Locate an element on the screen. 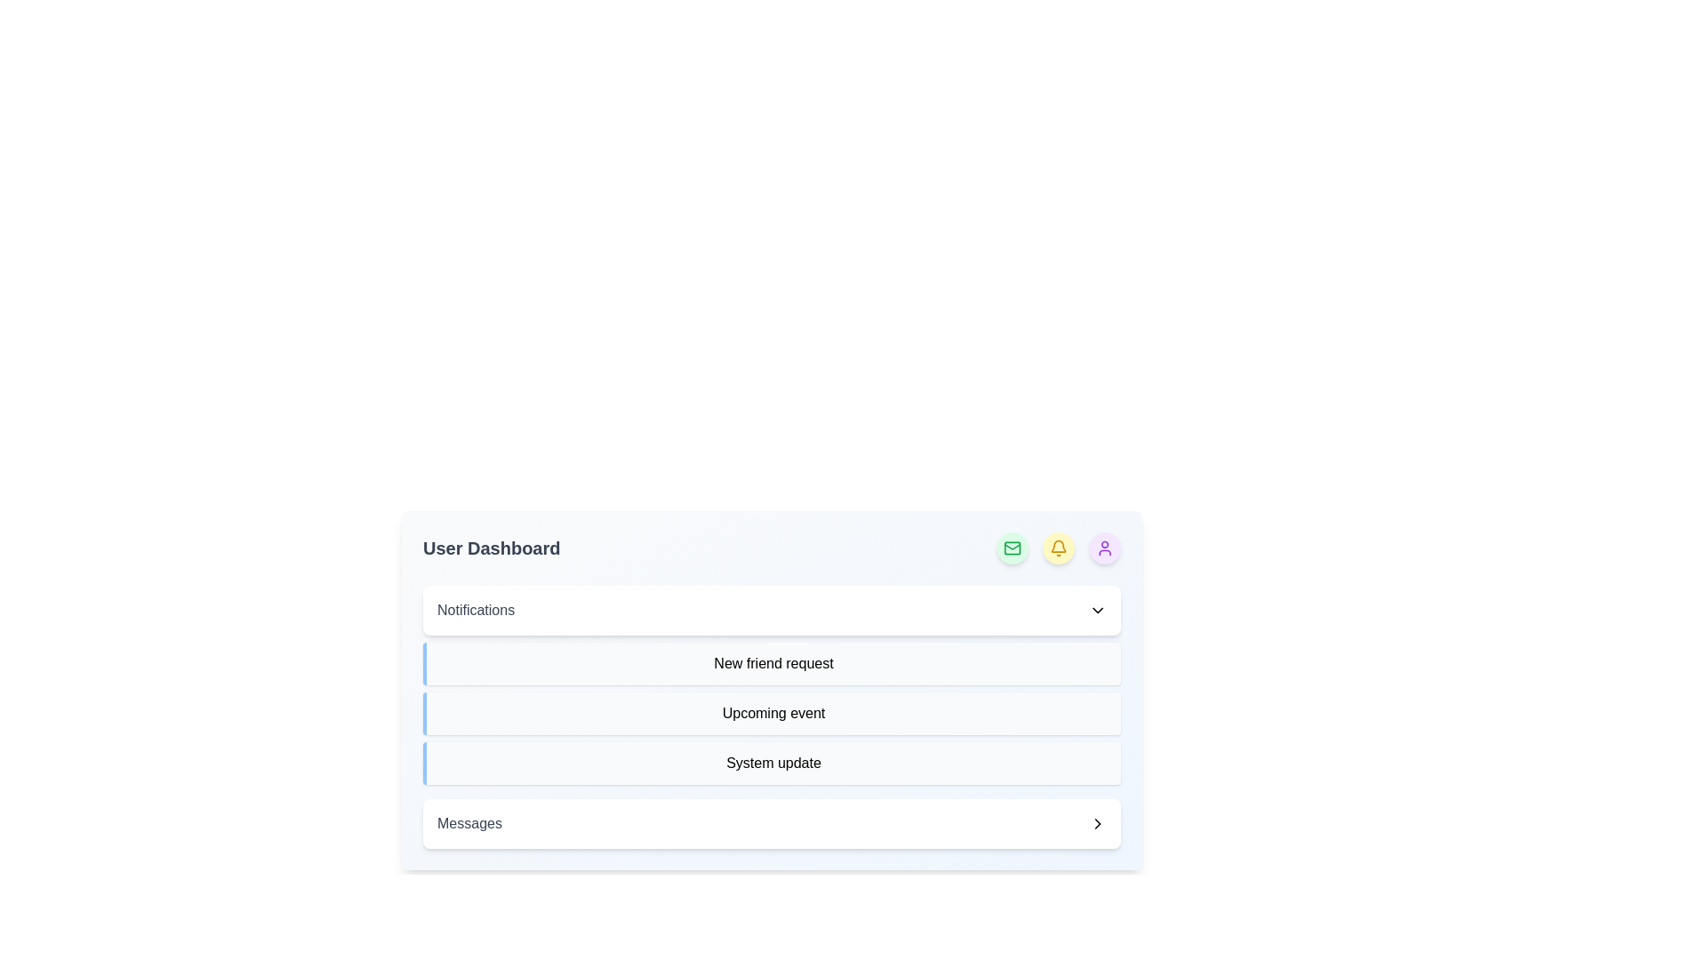 Image resolution: width=1707 pixels, height=960 pixels. notification text from the static text block located in the Notifications section of the User Dashboard, which is the second item in the list between 'New friend request' and 'System update' is located at coordinates (772, 712).